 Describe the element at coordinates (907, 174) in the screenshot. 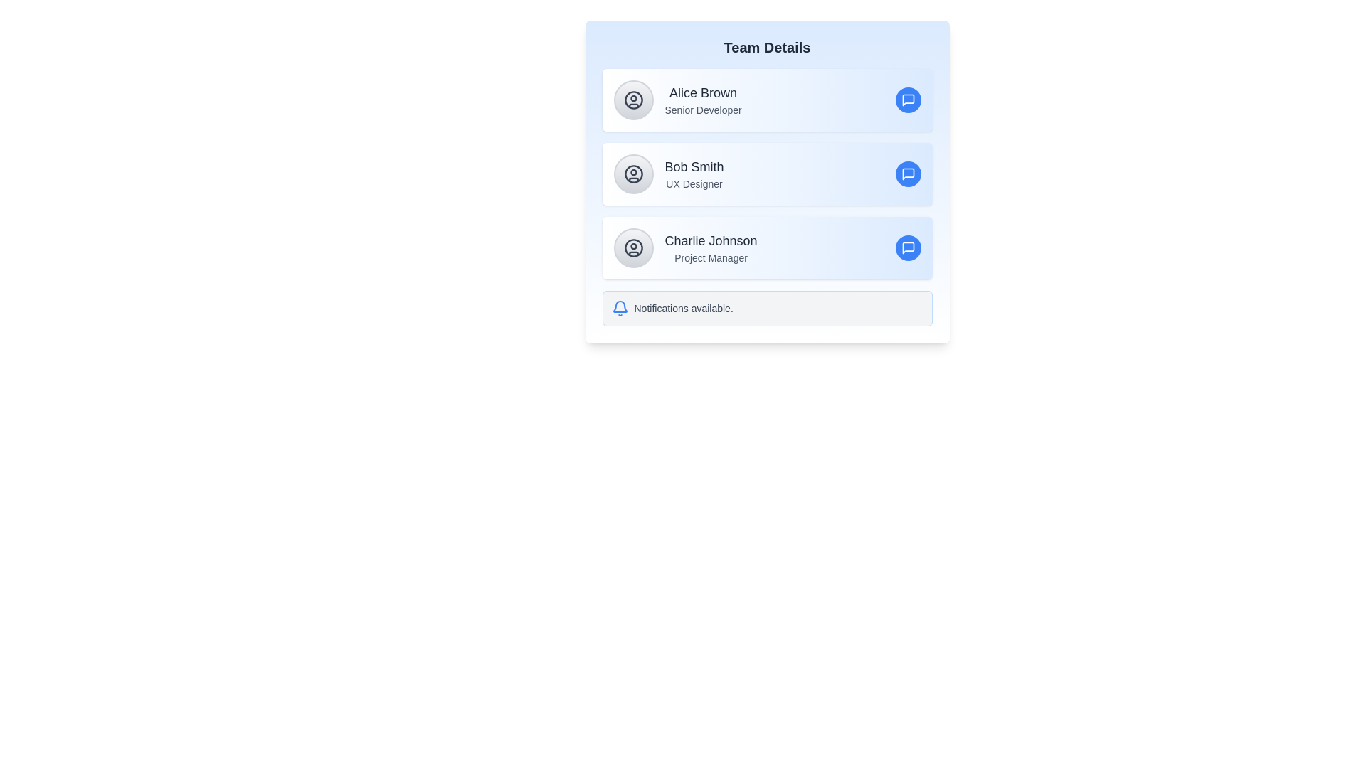

I see `the square speech bubble icon located next to 'Bob Smith, UX Designer'` at that location.